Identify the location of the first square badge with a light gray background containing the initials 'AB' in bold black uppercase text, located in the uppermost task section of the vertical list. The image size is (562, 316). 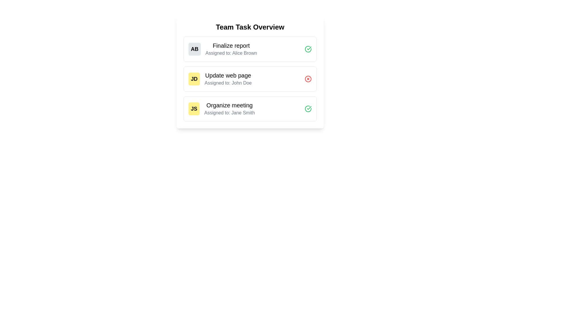
(195, 49).